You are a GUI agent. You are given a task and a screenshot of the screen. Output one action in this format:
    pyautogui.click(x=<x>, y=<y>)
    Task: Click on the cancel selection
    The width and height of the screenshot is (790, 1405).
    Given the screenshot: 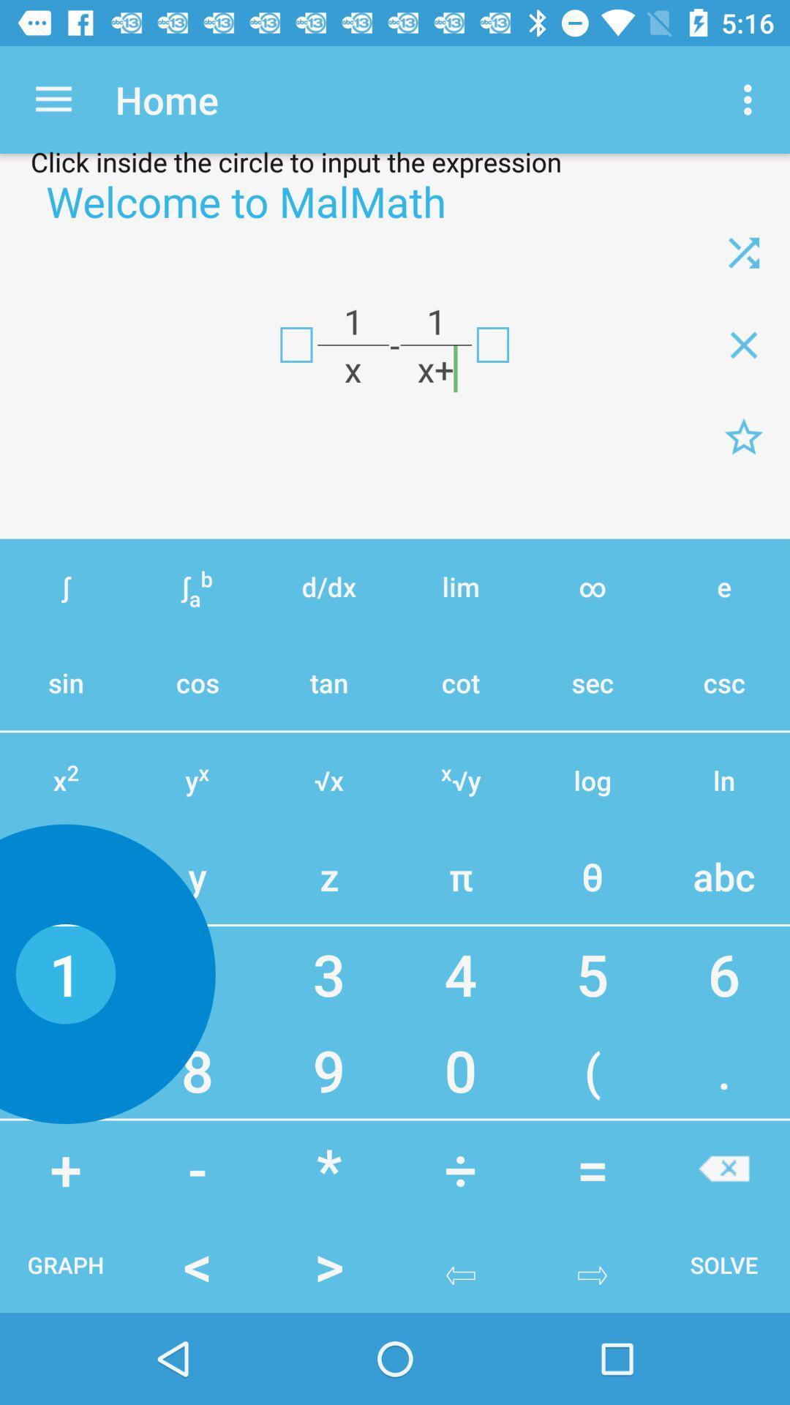 What is the action you would take?
    pyautogui.click(x=724, y=1168)
    